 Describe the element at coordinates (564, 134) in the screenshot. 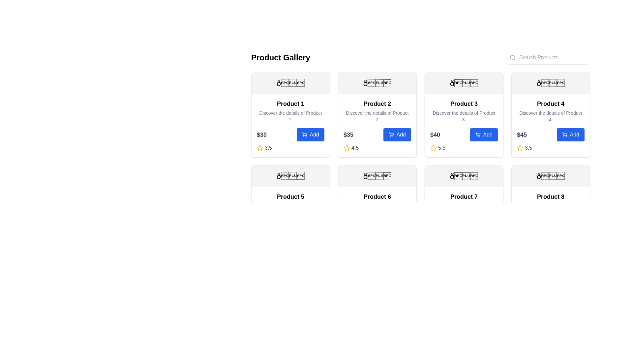

I see `the shopping cart icon located within the 'Add' button of the fourth product card in the grid layout` at that location.